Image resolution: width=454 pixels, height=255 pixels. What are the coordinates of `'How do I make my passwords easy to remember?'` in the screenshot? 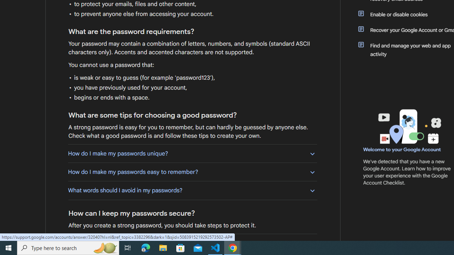 It's located at (192, 172).